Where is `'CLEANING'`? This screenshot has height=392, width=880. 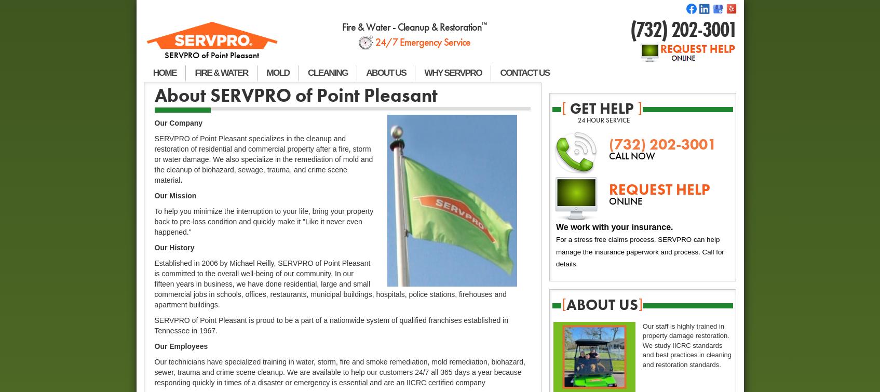 'CLEANING' is located at coordinates (307, 72).